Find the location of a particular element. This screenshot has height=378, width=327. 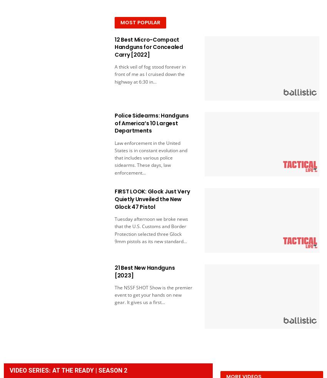

'AT THE READY | SEASON 2' is located at coordinates (52, 370).